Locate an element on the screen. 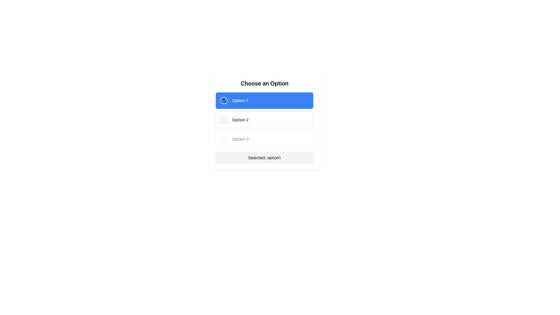 The width and height of the screenshot is (560, 315). the checkmark icon indicating the selected state of the first option in the list, which is located to the left of the text 'Option 1' is located at coordinates (224, 100).